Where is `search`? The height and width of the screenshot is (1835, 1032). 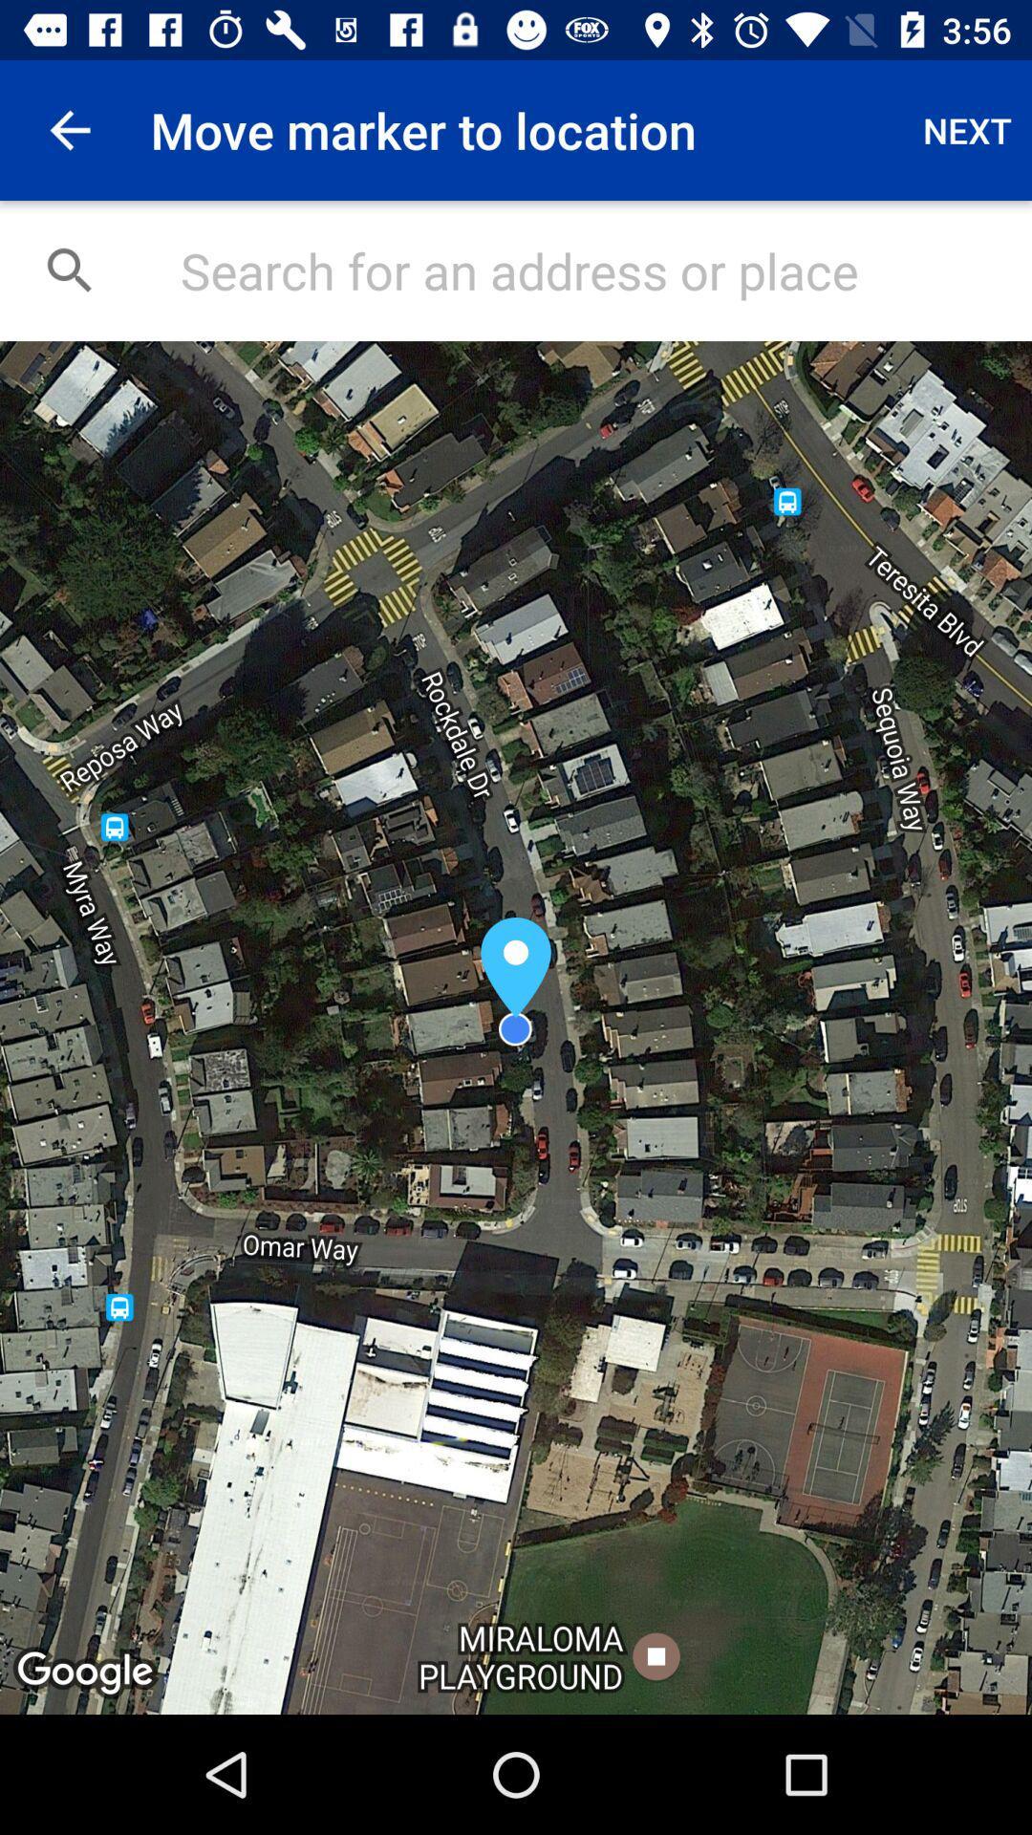
search is located at coordinates (585, 270).